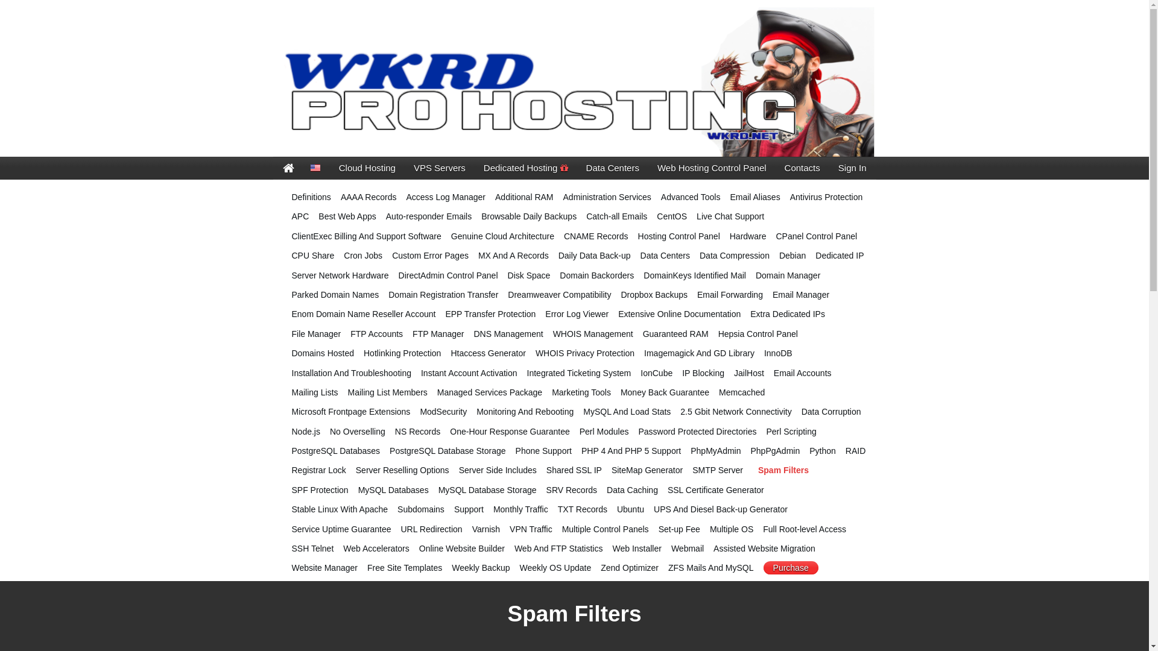 The width and height of the screenshot is (1158, 651). What do you see at coordinates (682, 372) in the screenshot?
I see `'IP Blocking'` at bounding box center [682, 372].